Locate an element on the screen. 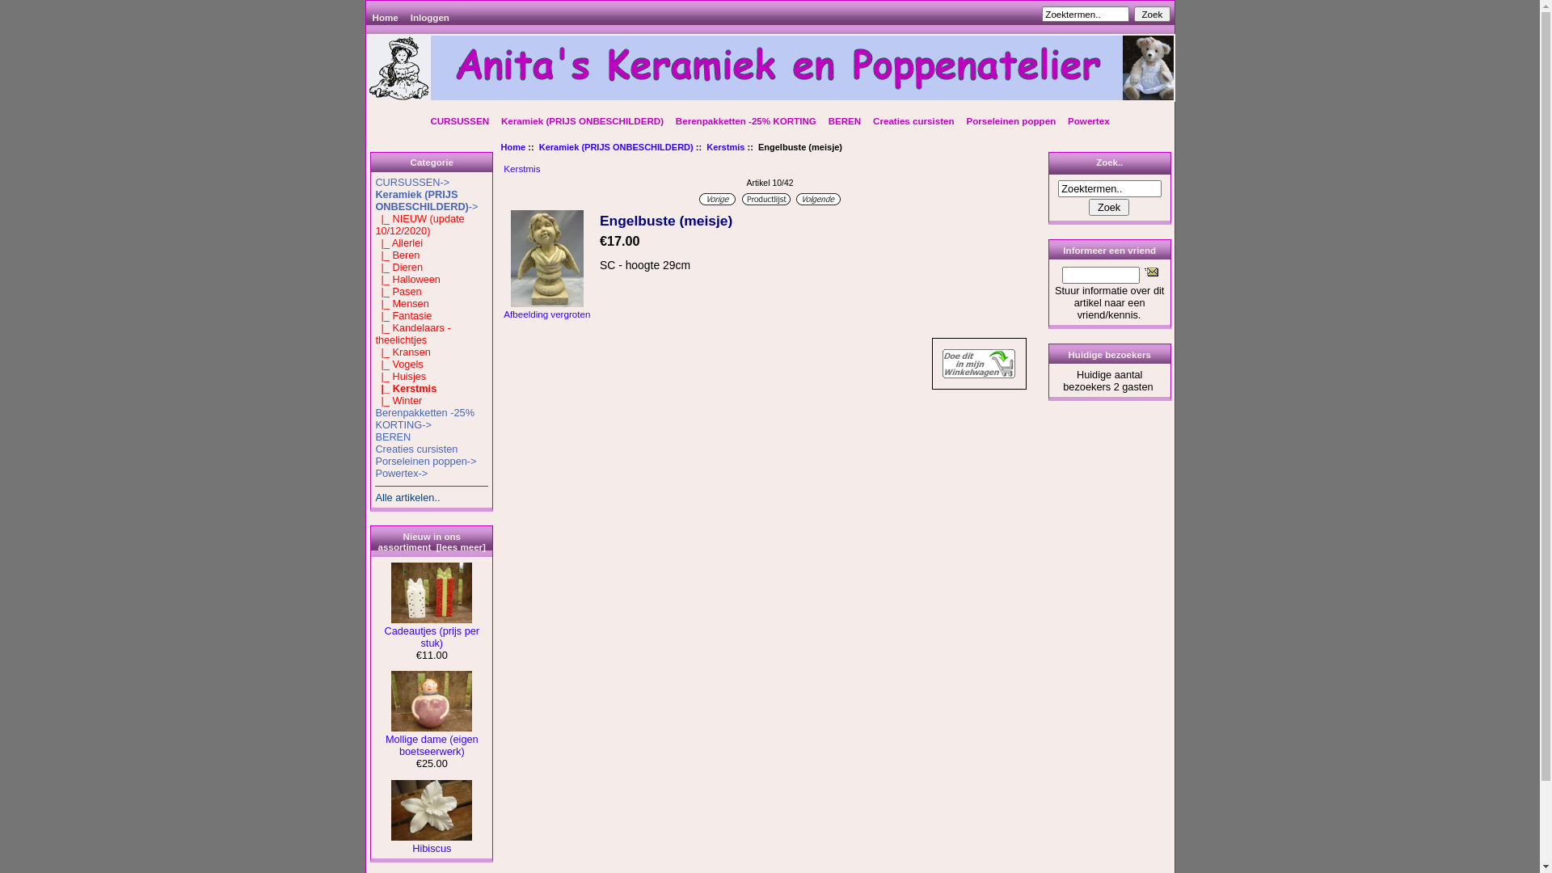  ' Volgende ' is located at coordinates (818, 198).